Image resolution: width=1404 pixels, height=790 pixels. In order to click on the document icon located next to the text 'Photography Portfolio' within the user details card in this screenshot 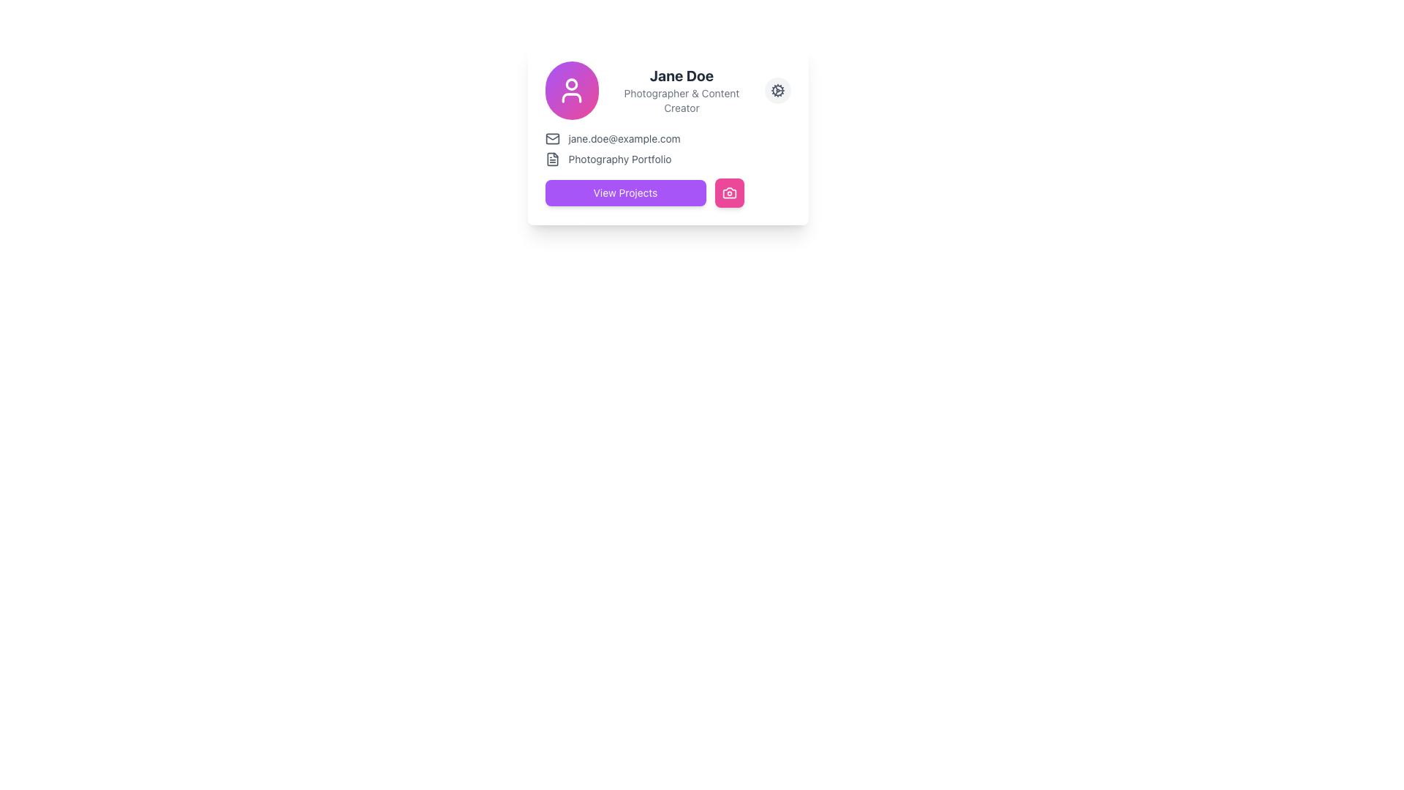, I will do `click(551, 159)`.